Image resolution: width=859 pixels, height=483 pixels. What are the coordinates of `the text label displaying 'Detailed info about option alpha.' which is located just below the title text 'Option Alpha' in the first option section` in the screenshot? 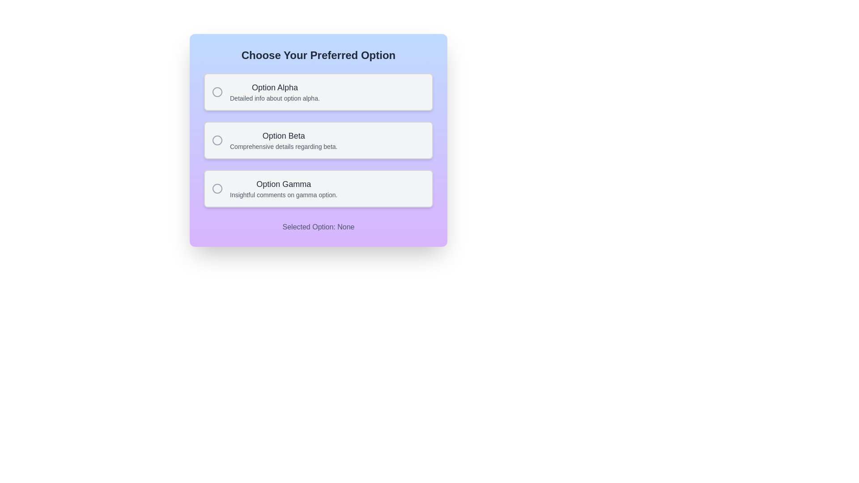 It's located at (274, 98).